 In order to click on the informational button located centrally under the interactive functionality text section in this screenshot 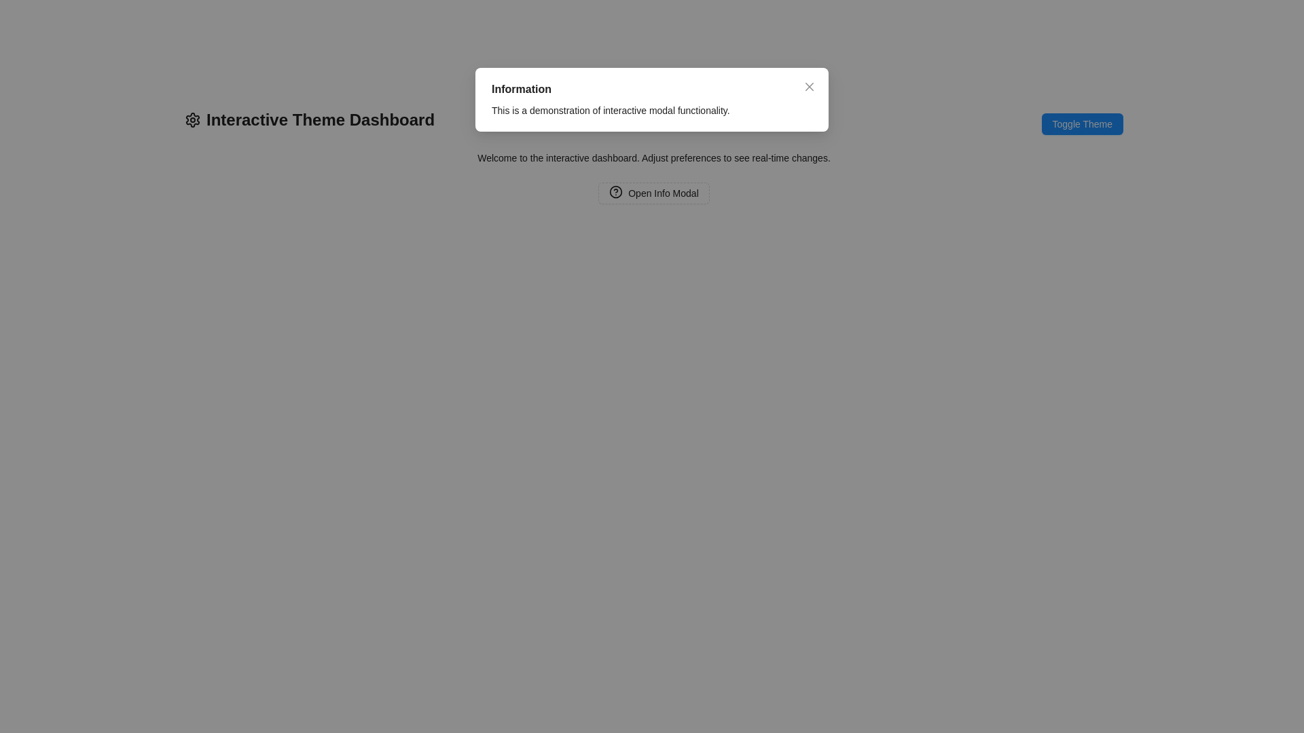, I will do `click(654, 193)`.